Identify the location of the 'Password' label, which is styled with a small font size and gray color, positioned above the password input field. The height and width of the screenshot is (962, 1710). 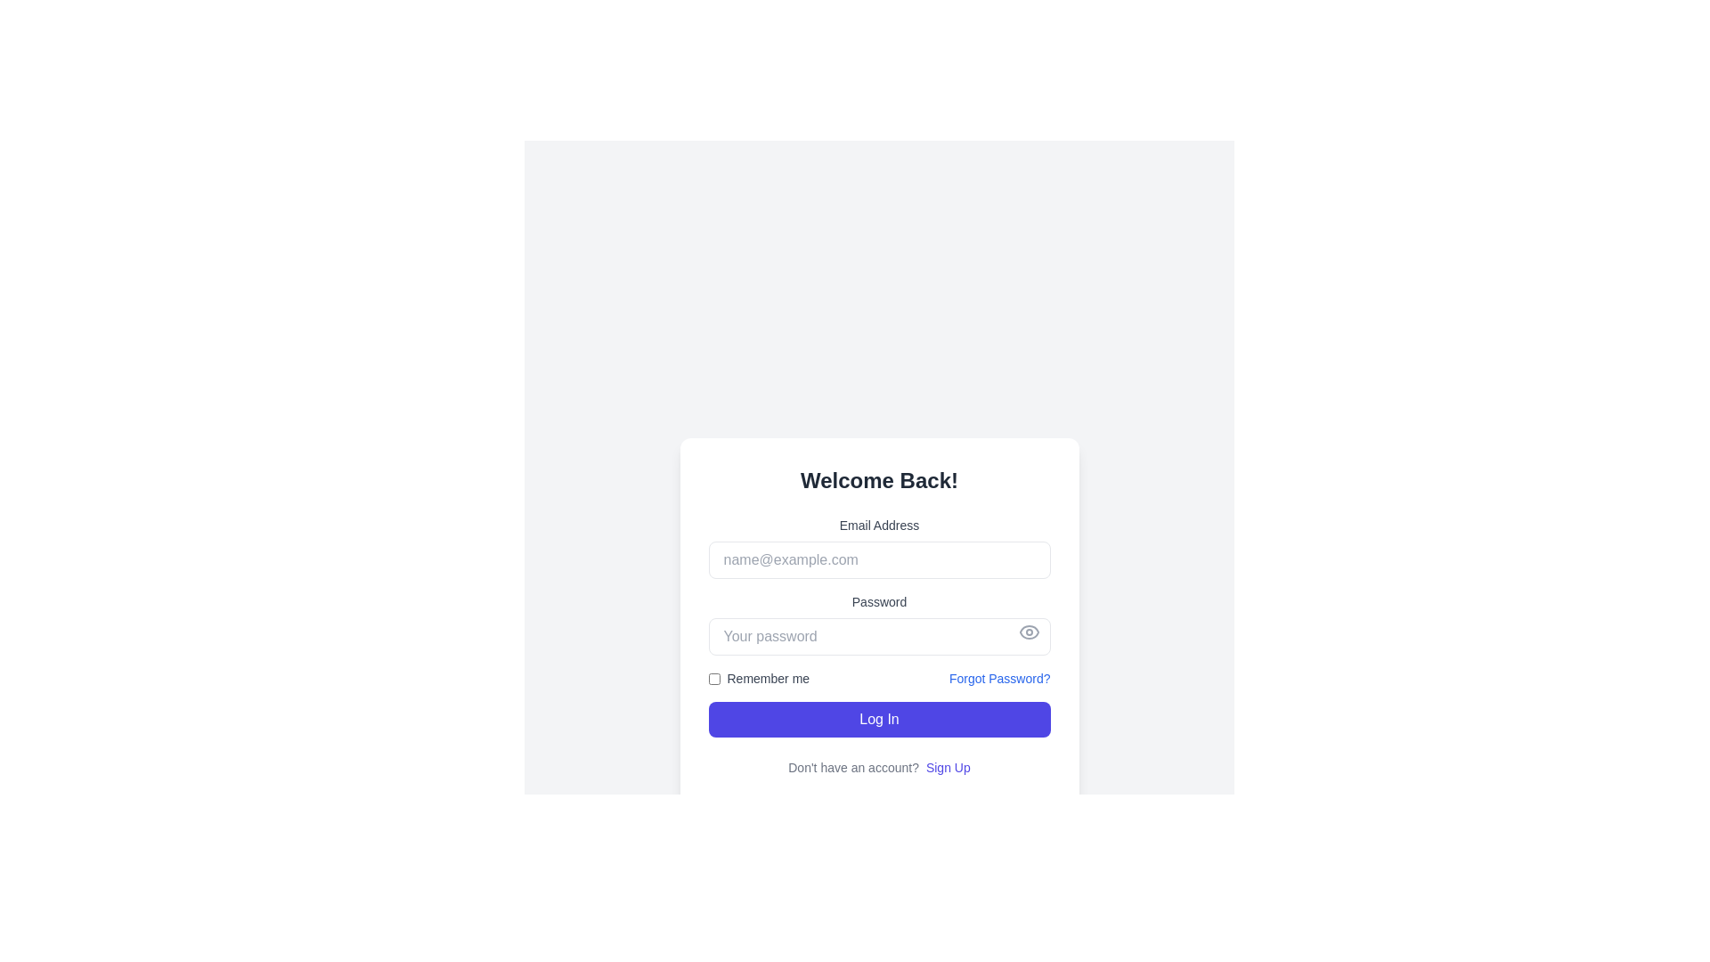
(879, 601).